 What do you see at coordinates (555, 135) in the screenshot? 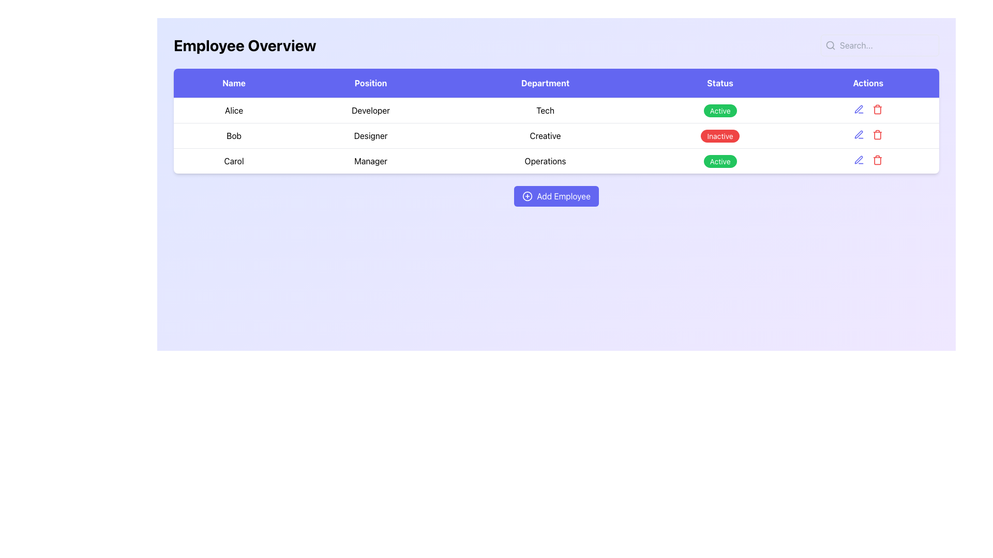
I see `the table row displaying information about the employee 'Bob', which includes the position 'Designer', department 'Creative', and an 'Inactive' status badge` at bounding box center [555, 135].